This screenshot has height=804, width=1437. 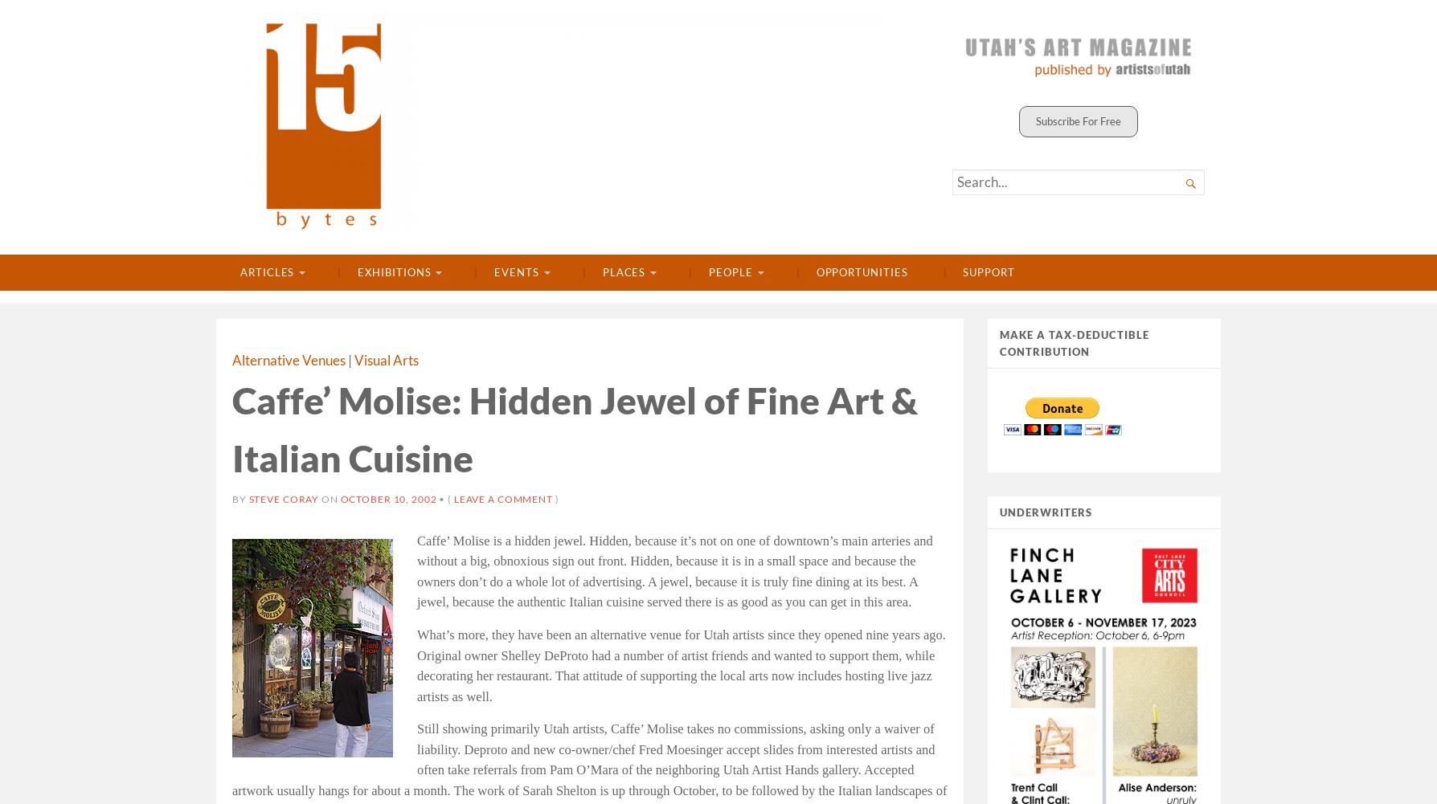 I want to click on 'Events', so click(x=494, y=272).